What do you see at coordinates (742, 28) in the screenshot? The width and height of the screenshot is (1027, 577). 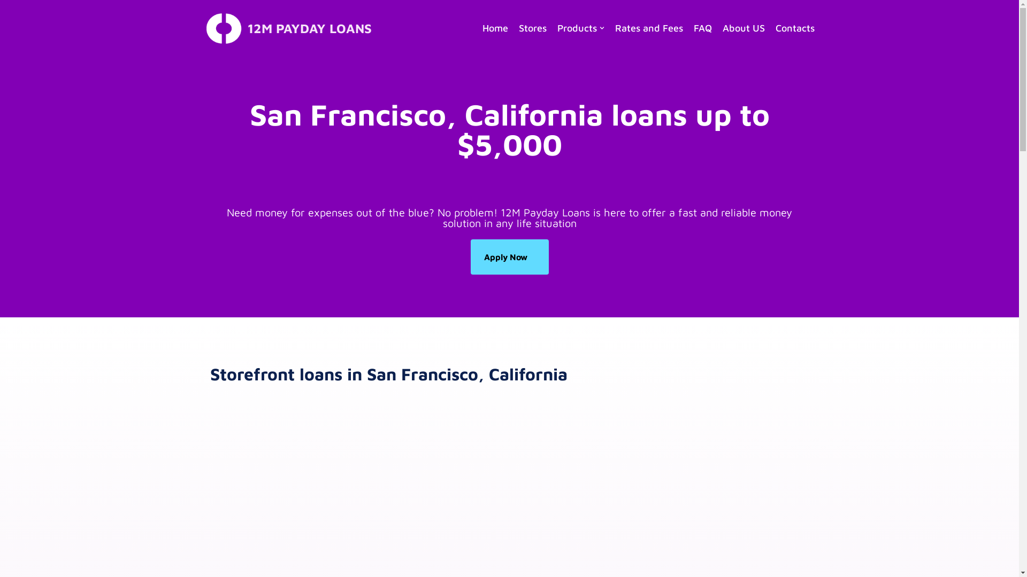 I see `'About US'` at bounding box center [742, 28].